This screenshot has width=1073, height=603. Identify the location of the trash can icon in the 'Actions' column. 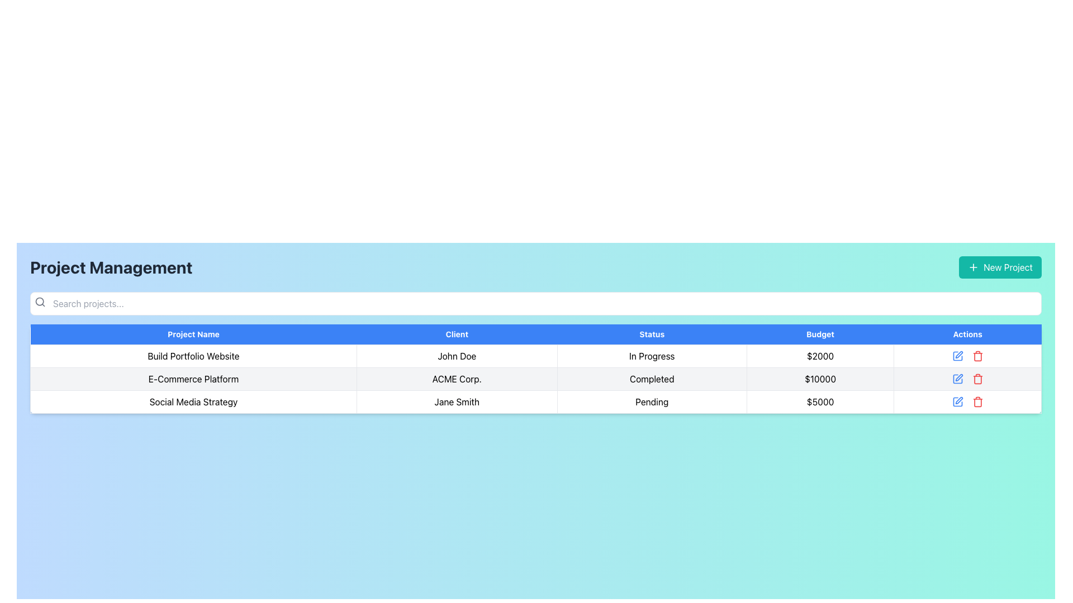
(977, 357).